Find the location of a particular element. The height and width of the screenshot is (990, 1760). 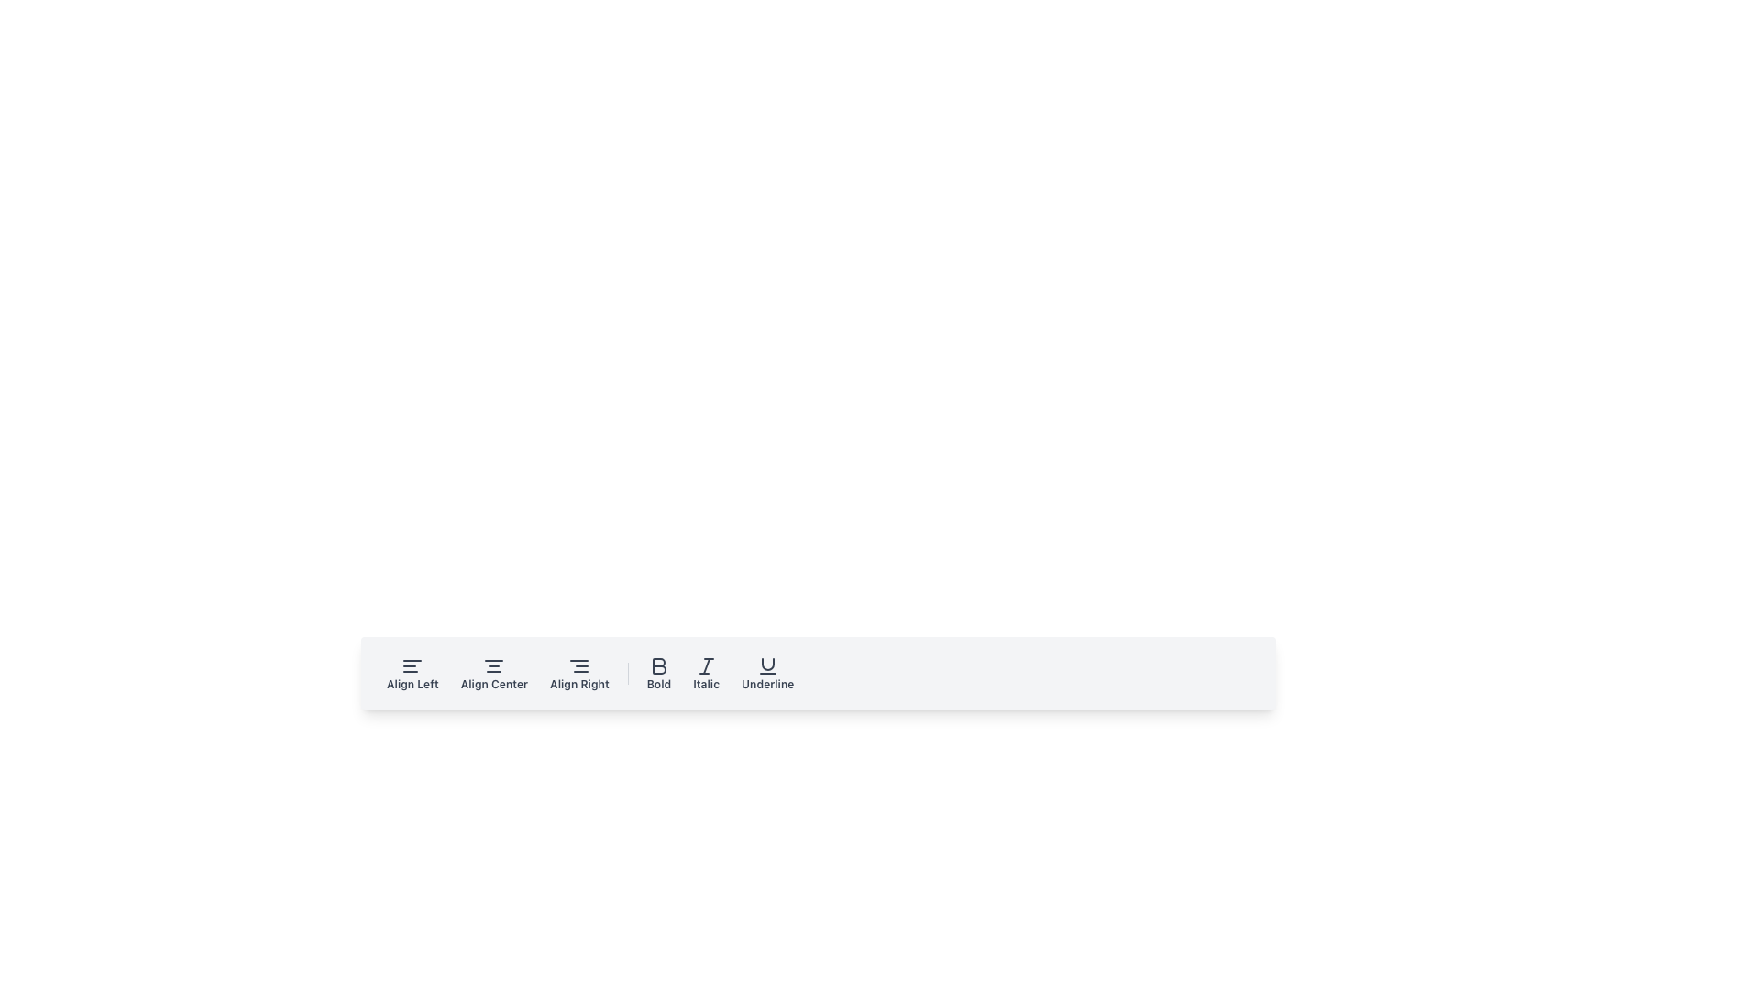

the diagonal line within the 'Italic' button, which is the fifth button from the left in the toolbar is located at coordinates (705, 665).